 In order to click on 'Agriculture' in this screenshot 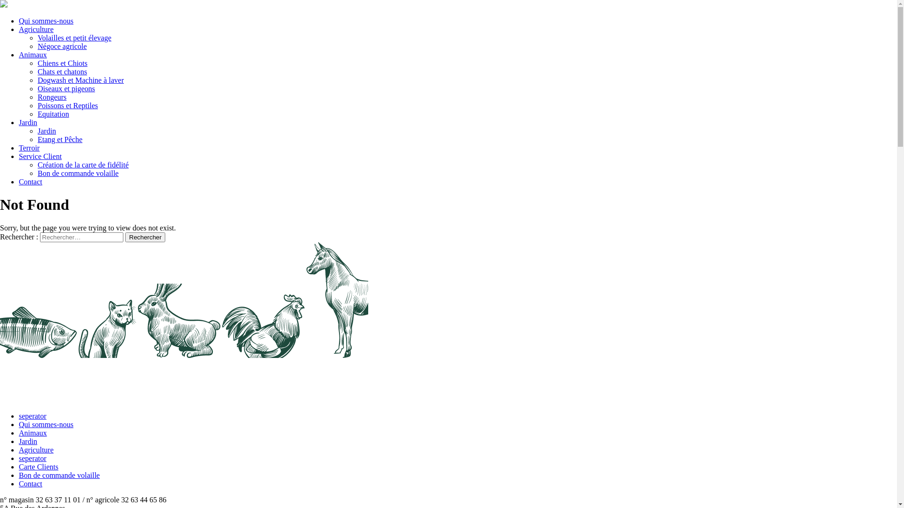, I will do `click(36, 29)`.